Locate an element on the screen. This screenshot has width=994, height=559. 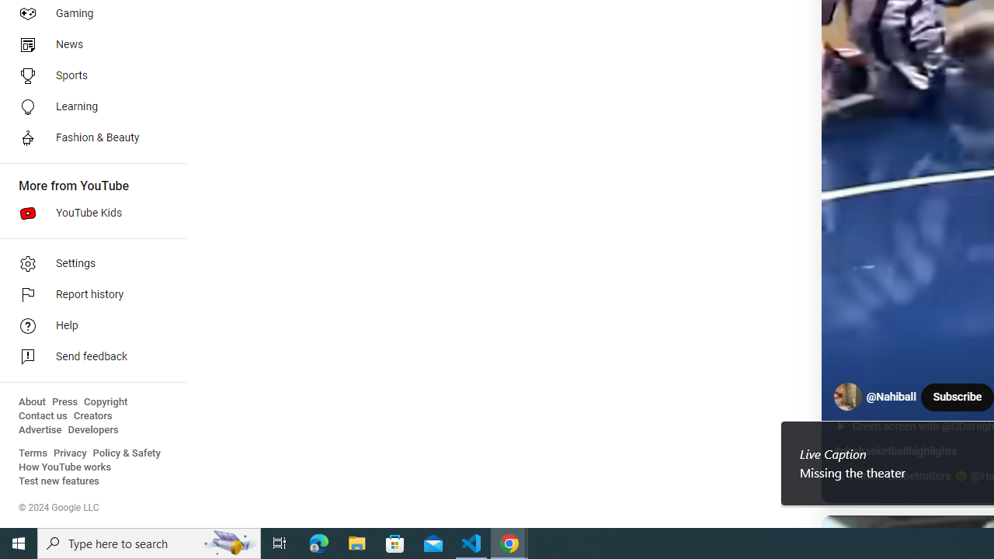
'Creators' is located at coordinates (92, 415).